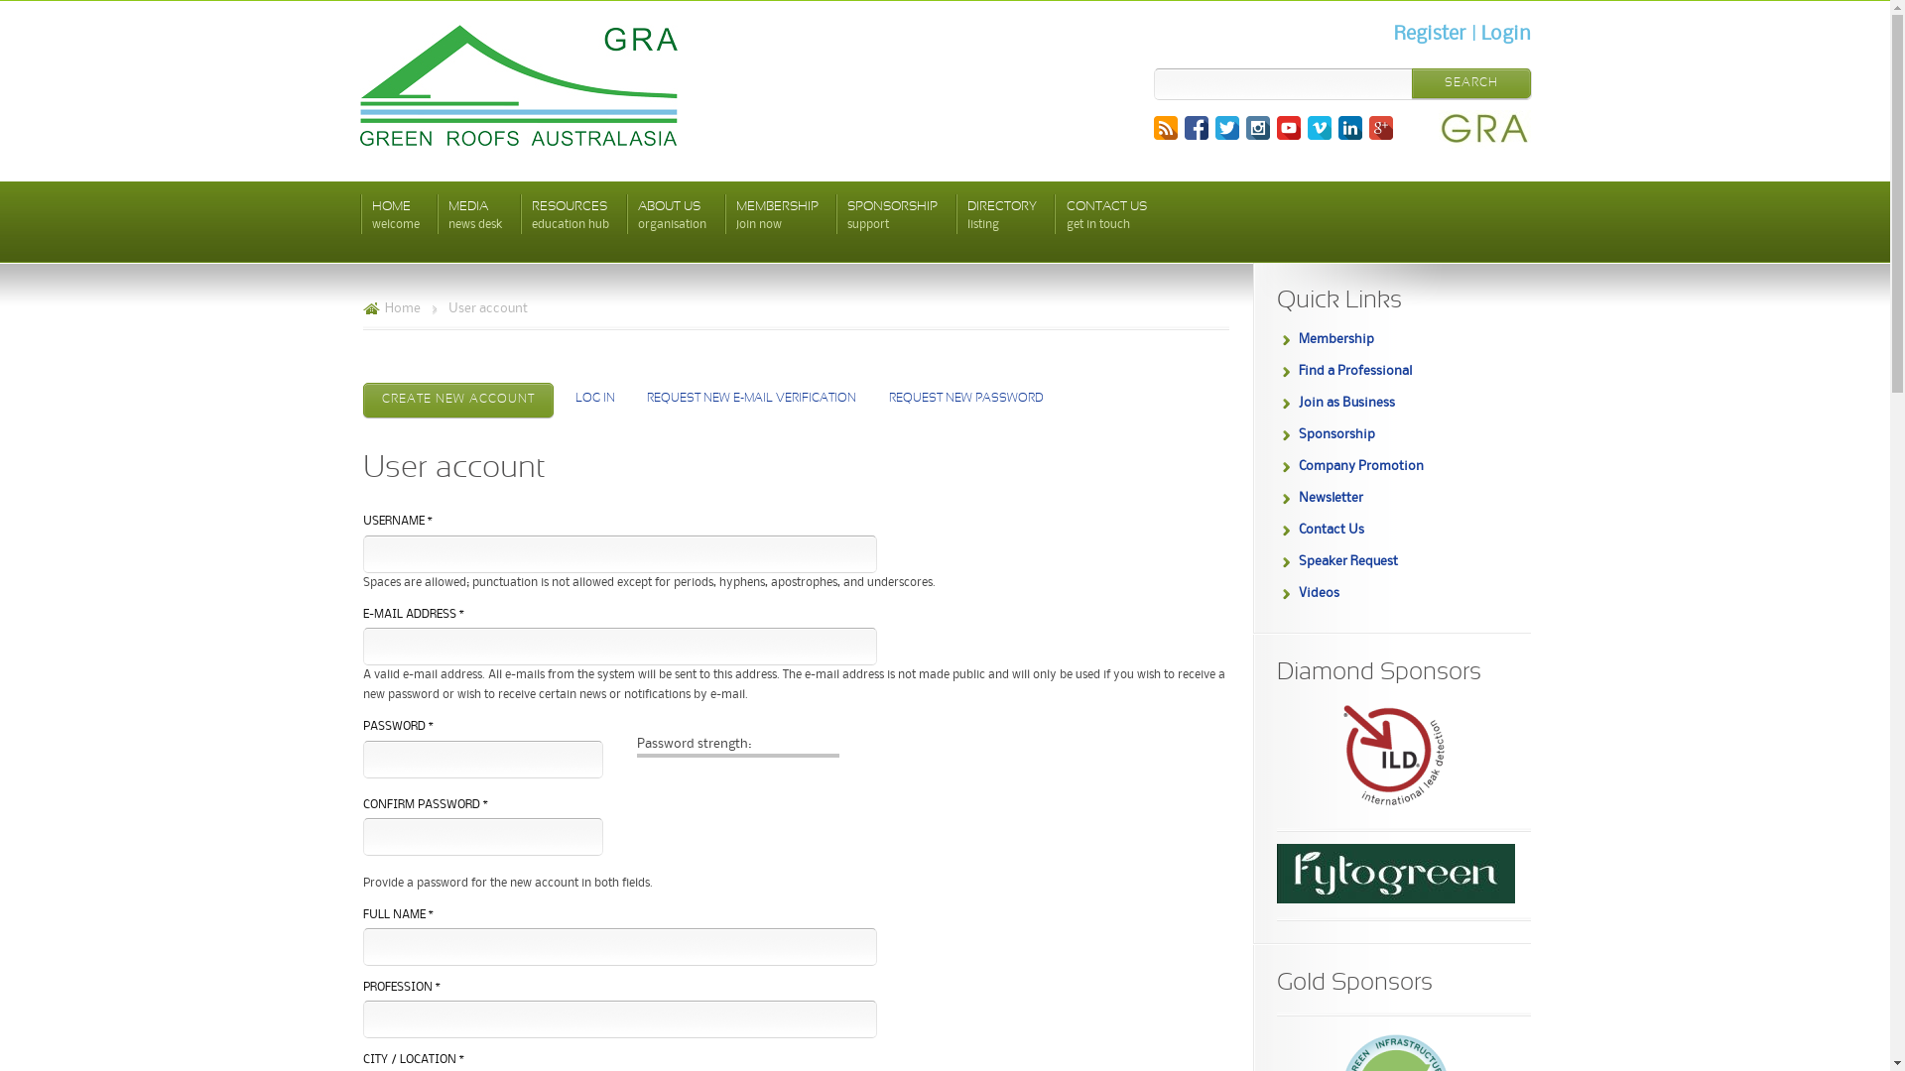 The width and height of the screenshot is (1905, 1071). Describe the element at coordinates (750, 398) in the screenshot. I see `'REQUEST NEW E-MAIL VERIFICATION'` at that location.